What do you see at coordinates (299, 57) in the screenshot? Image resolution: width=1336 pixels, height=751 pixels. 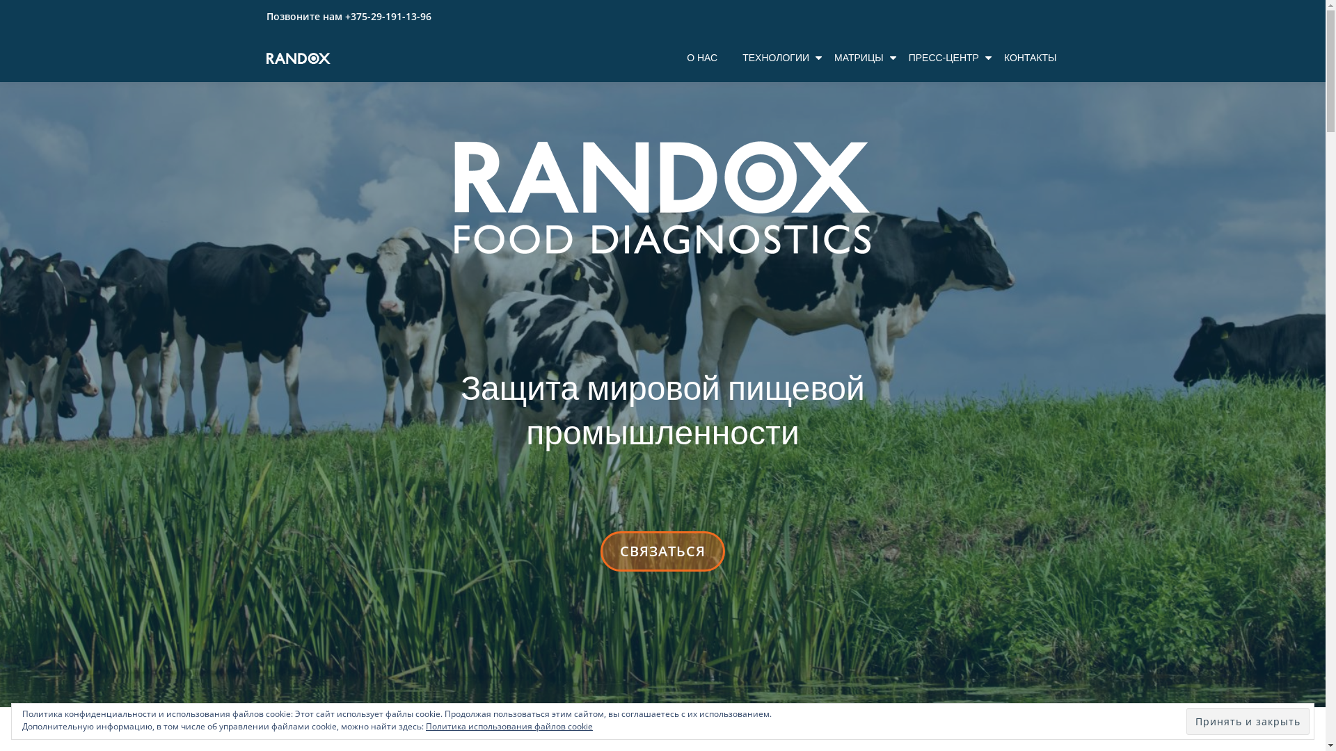 I see `'Randox Food Diagnostics'` at bounding box center [299, 57].